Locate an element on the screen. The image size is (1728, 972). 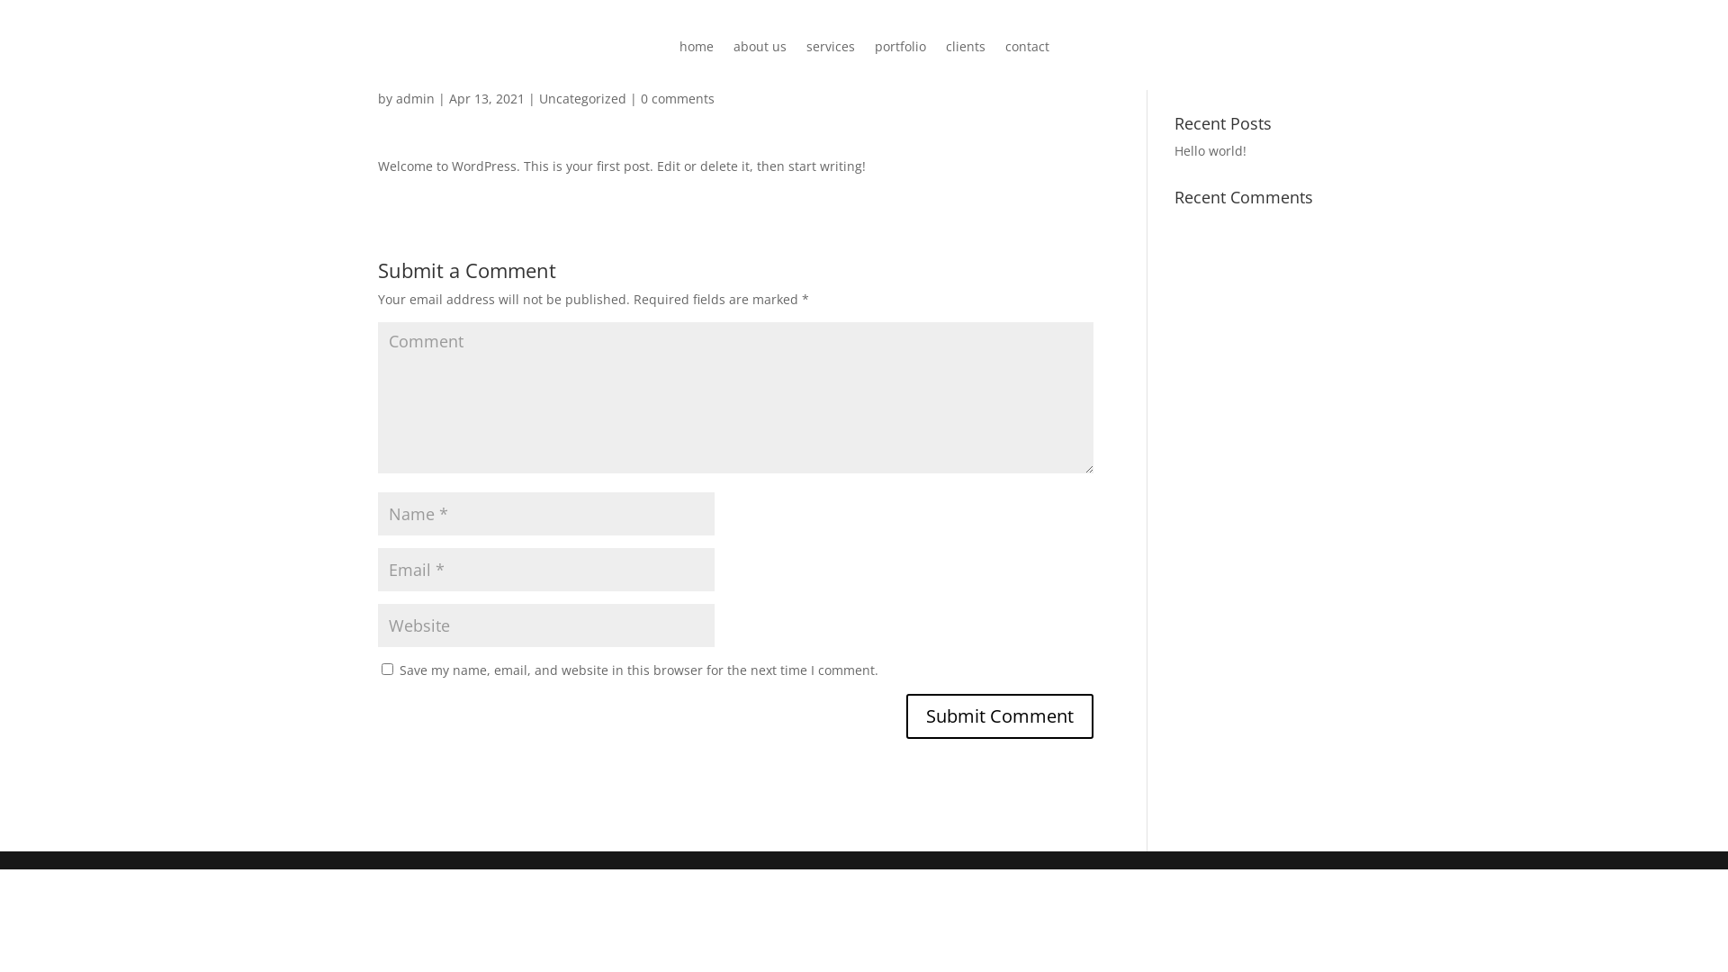
'contact' is located at coordinates (1003, 49).